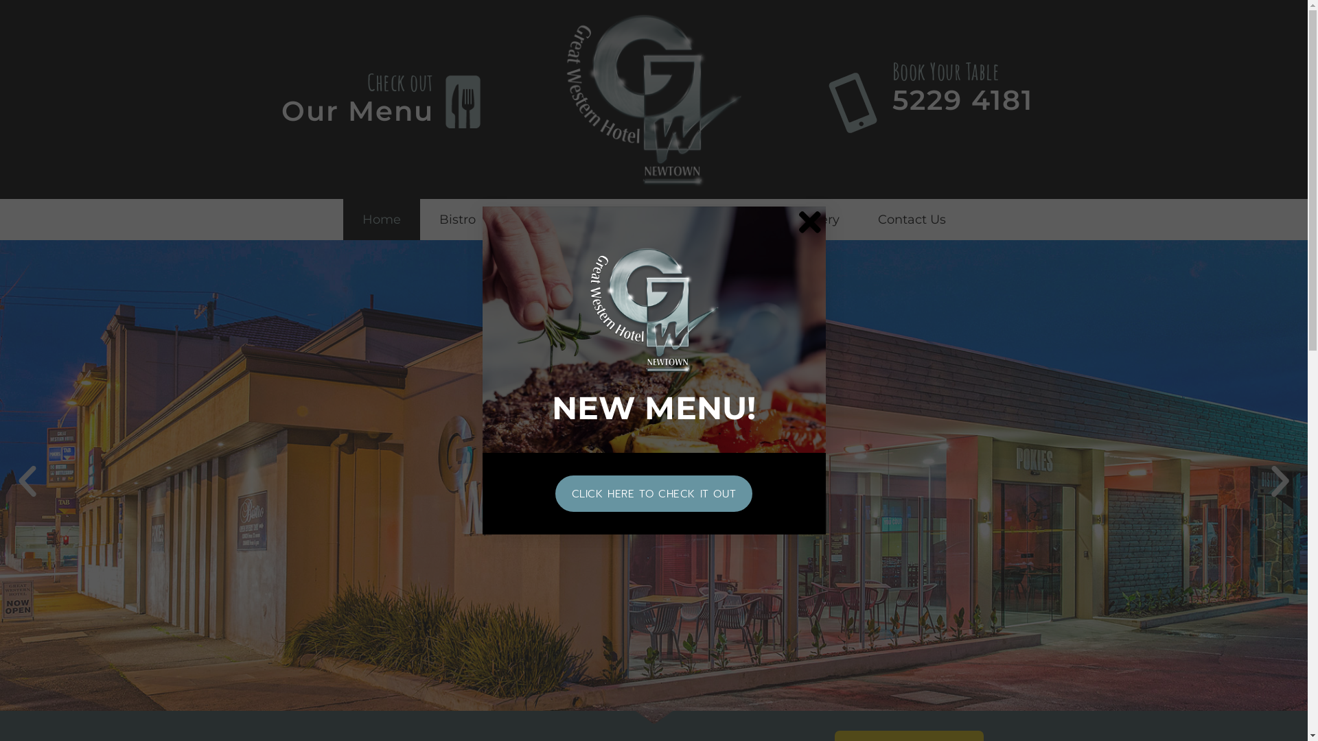 This screenshot has height=741, width=1318. Describe the element at coordinates (654, 493) in the screenshot. I see `'CLICK HERE TO CHECK IT OUT'` at that location.